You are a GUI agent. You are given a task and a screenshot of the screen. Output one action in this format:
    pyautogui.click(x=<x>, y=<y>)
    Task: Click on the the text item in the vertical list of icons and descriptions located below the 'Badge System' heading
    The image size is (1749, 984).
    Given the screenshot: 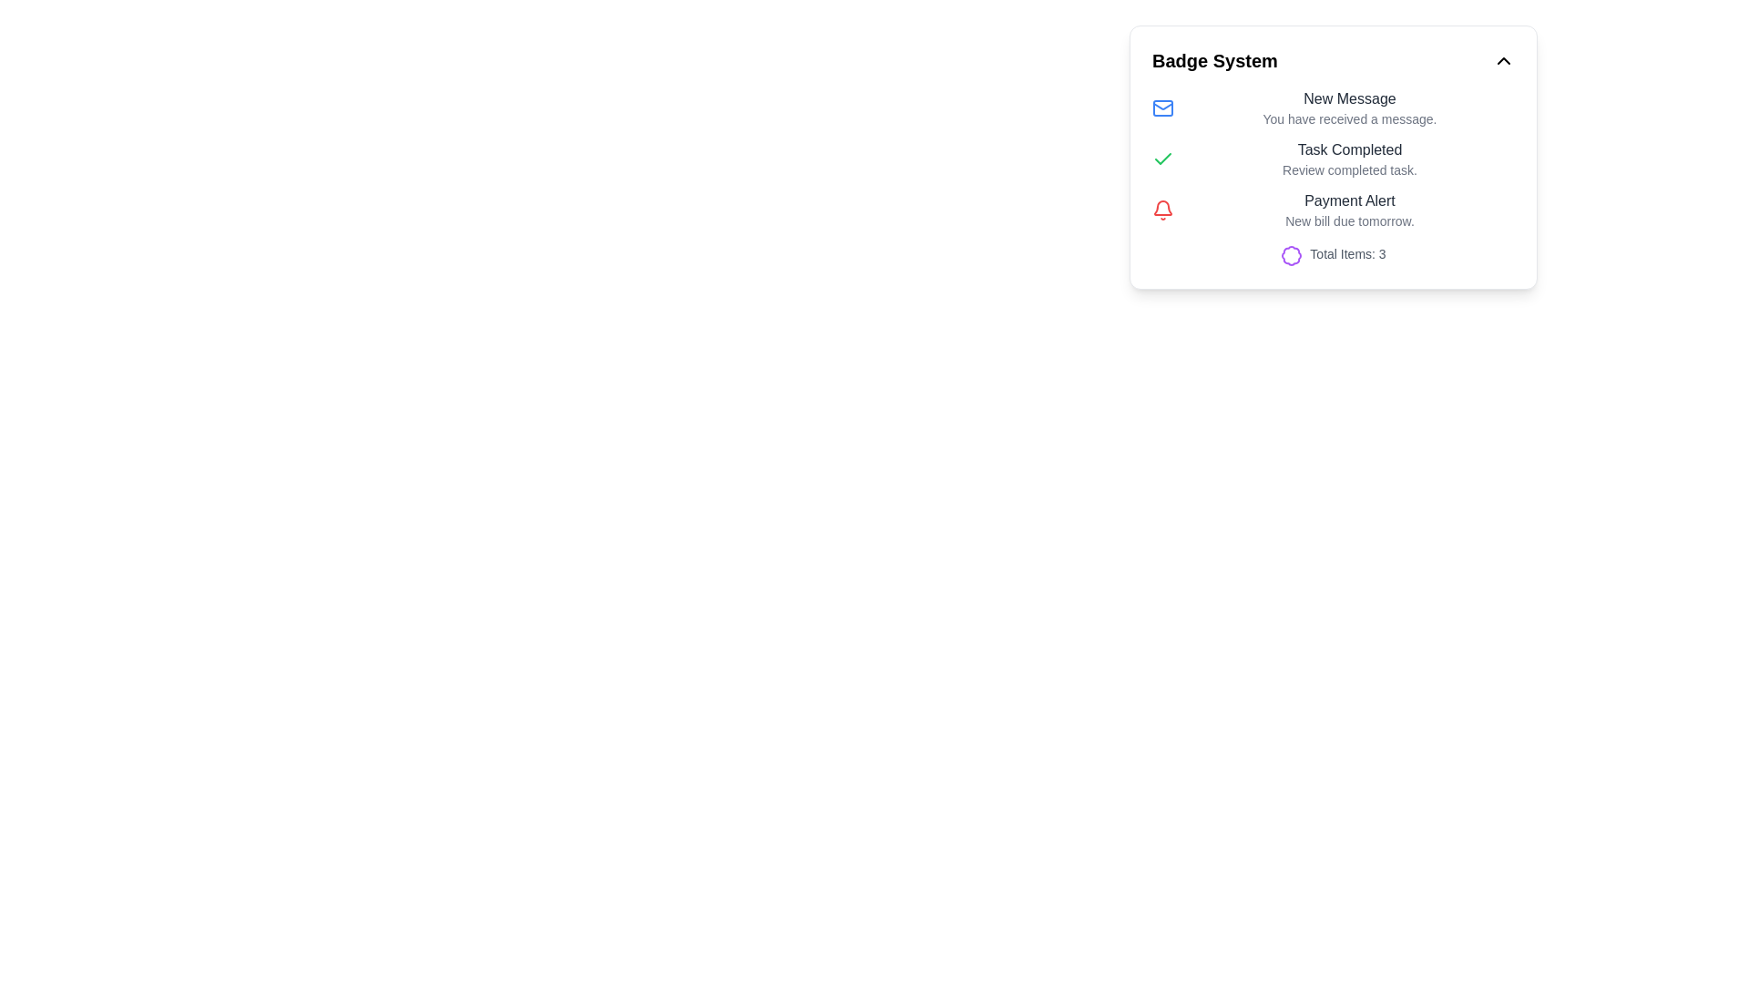 What is the action you would take?
    pyautogui.click(x=1334, y=158)
    